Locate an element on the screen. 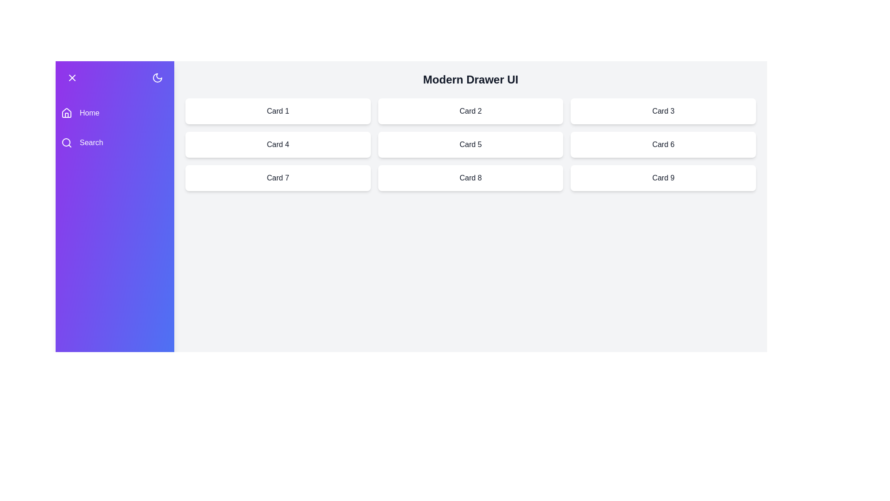 This screenshot has width=890, height=501. the navigation menu item labeled Search is located at coordinates (114, 143).